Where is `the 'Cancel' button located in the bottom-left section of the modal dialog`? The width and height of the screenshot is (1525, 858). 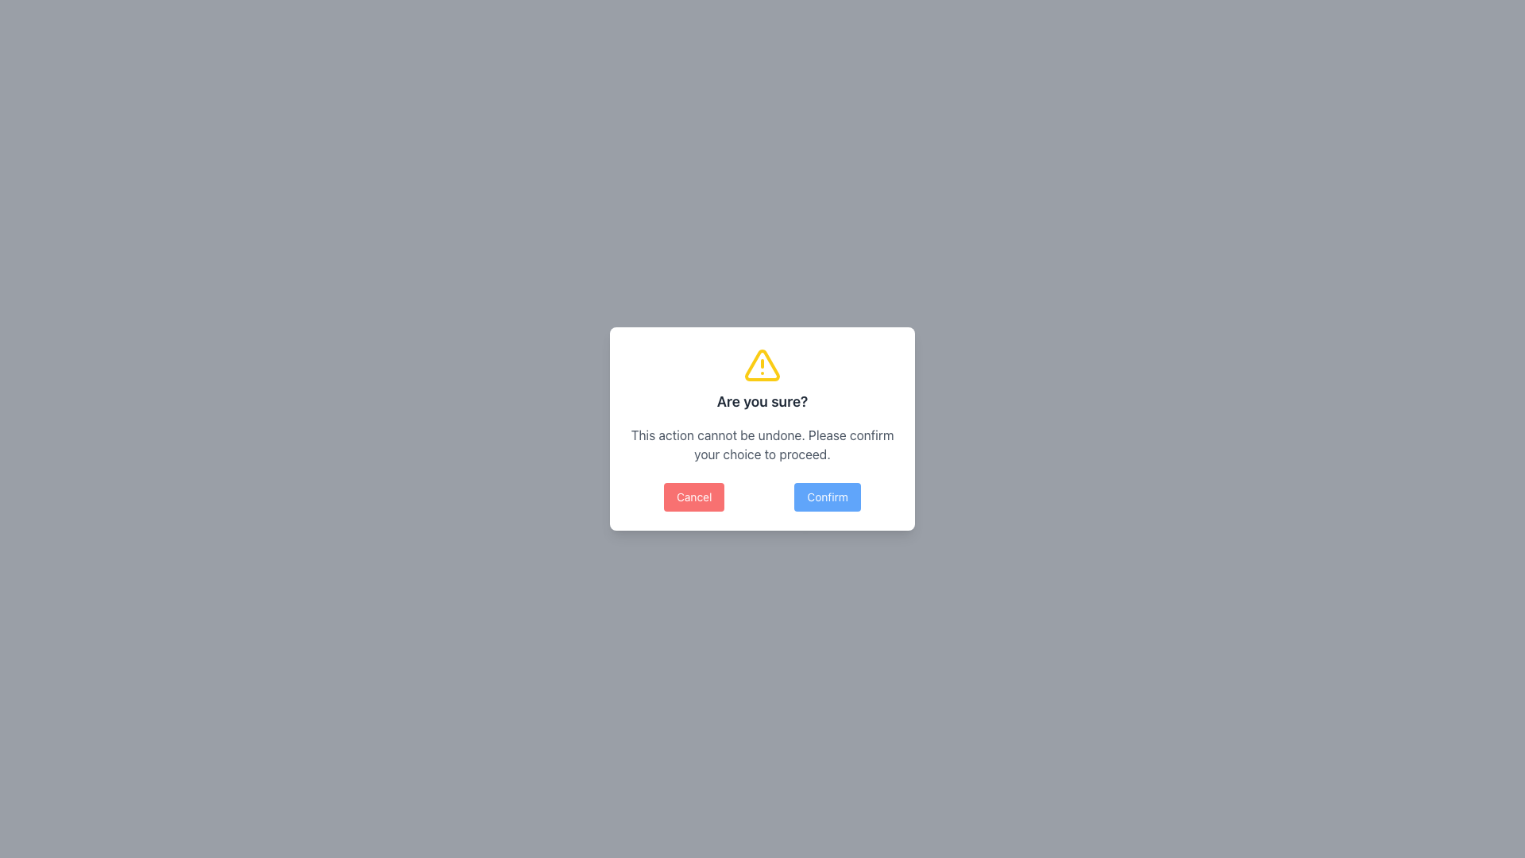 the 'Cancel' button located in the bottom-left section of the modal dialog is located at coordinates (693, 496).